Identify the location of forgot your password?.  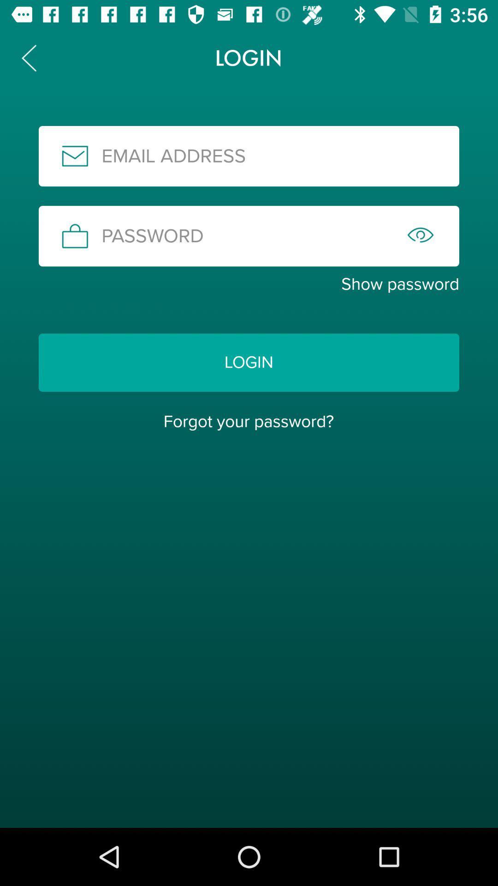
(248, 421).